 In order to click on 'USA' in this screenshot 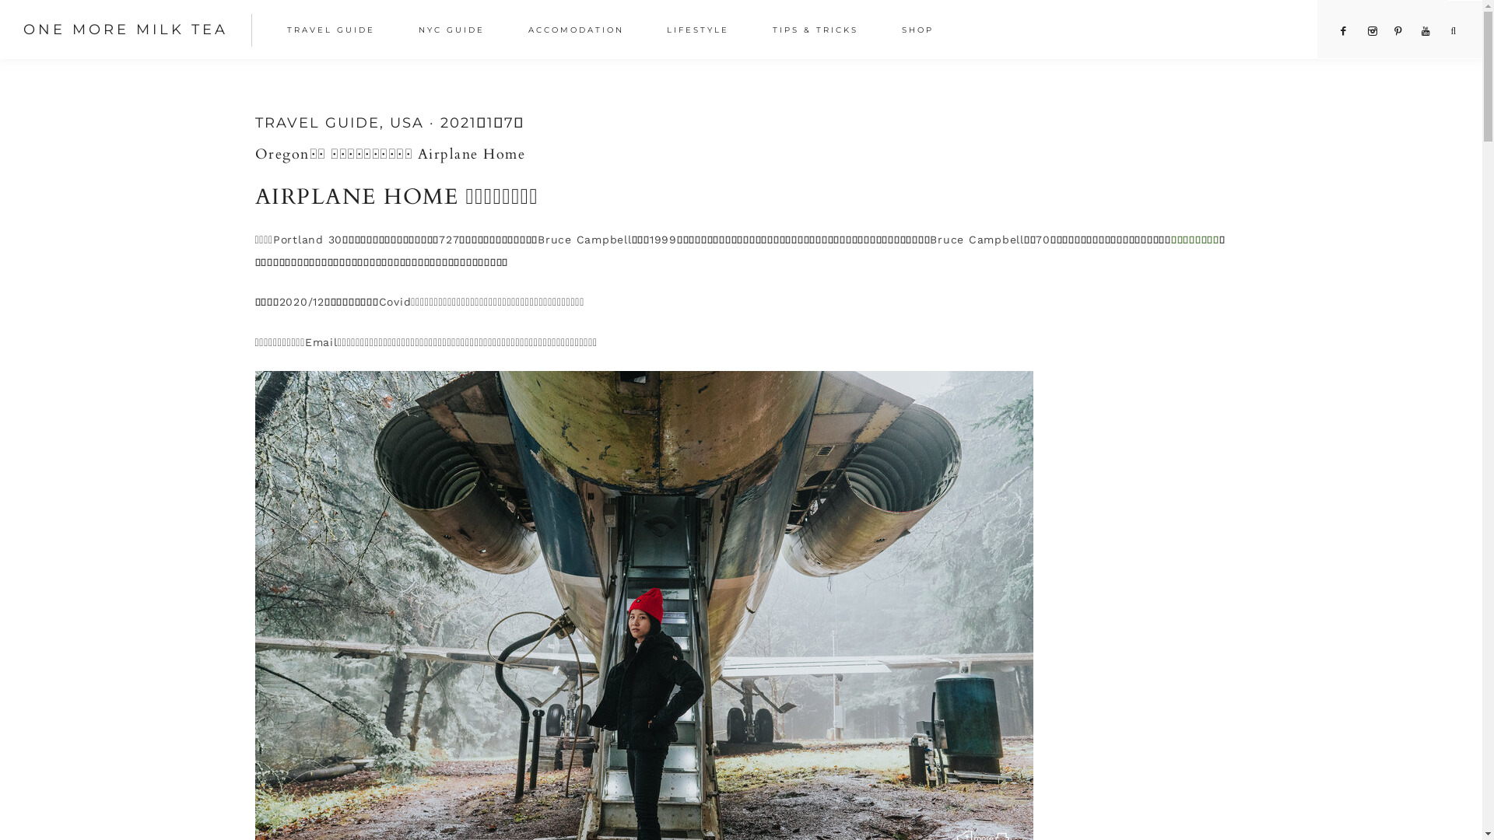, I will do `click(406, 122)`.